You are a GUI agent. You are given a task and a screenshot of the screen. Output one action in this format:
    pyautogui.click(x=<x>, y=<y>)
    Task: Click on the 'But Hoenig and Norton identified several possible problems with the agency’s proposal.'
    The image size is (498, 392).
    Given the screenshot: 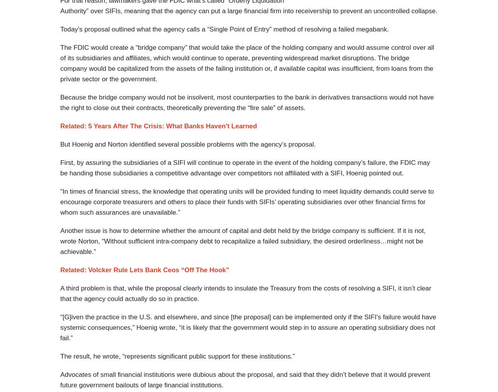 What is the action you would take?
    pyautogui.click(x=188, y=144)
    